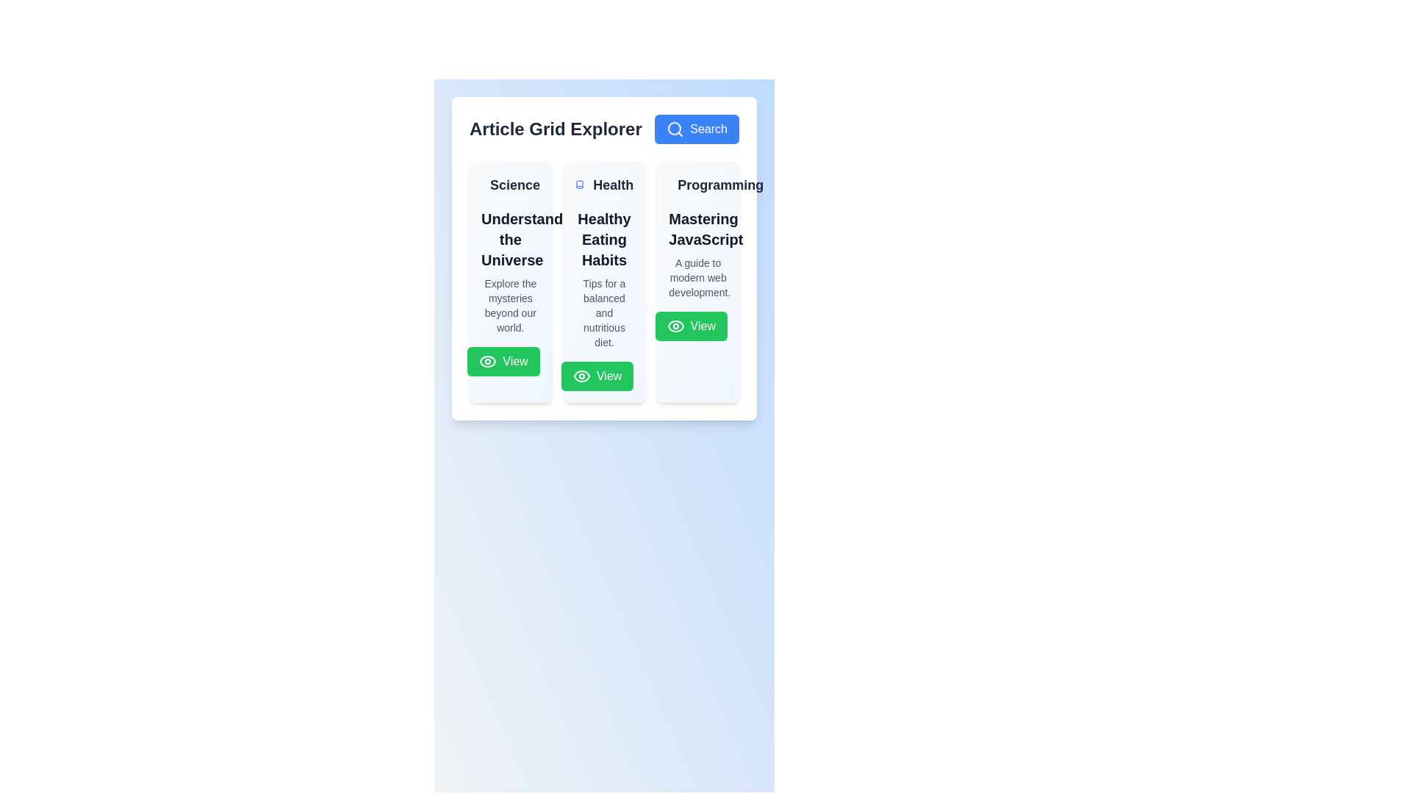 This screenshot has height=794, width=1411. I want to click on the 'Health' label with a book icon, which is located at the top-left corner of the second card in a grid of three cards, so click(604, 184).